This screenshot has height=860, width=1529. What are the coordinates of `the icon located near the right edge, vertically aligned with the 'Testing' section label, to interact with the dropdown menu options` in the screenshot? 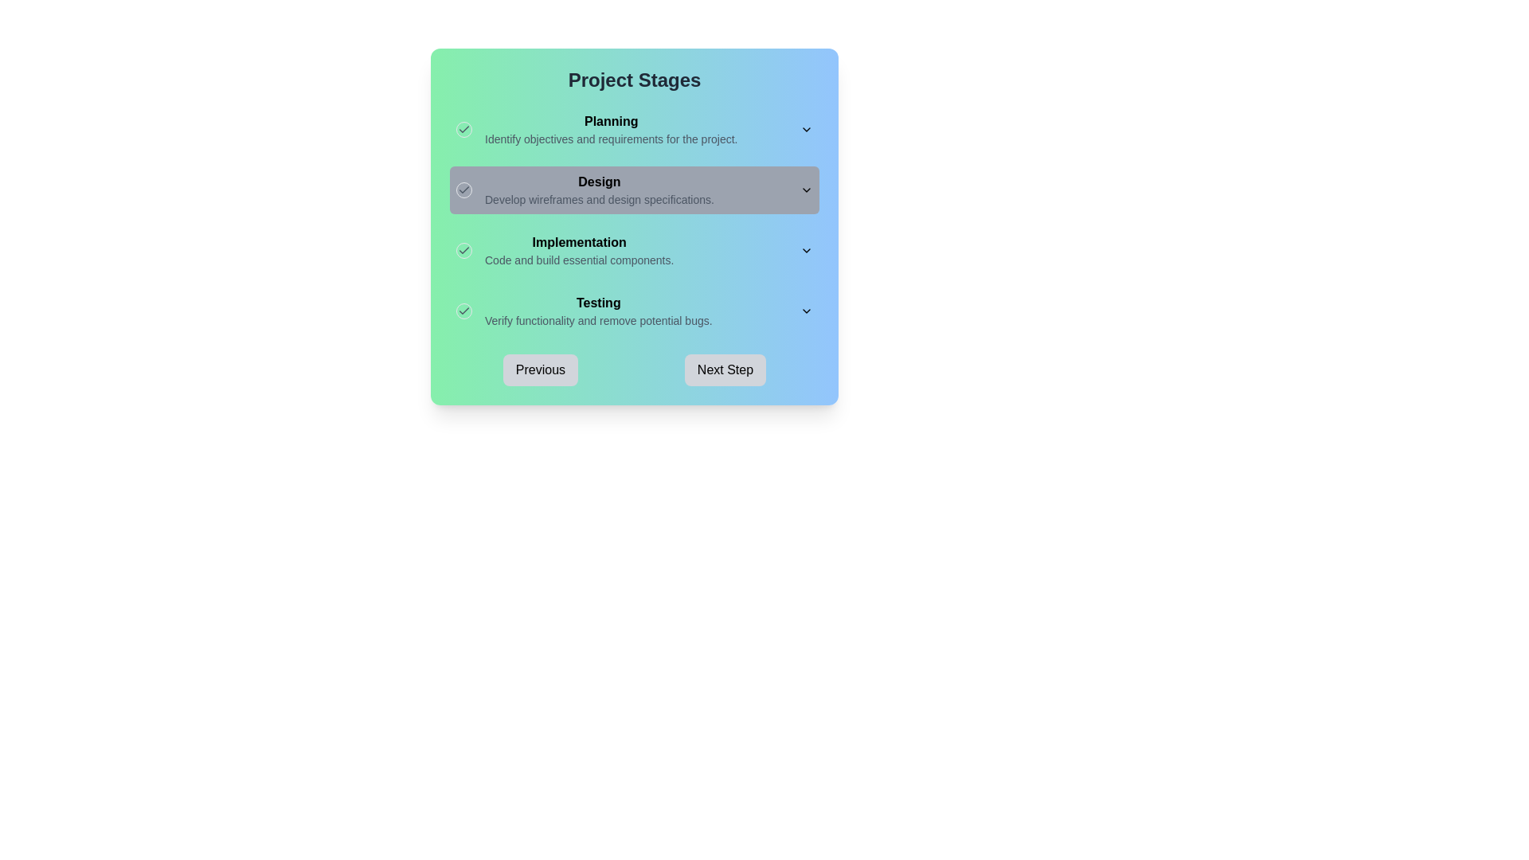 It's located at (806, 311).